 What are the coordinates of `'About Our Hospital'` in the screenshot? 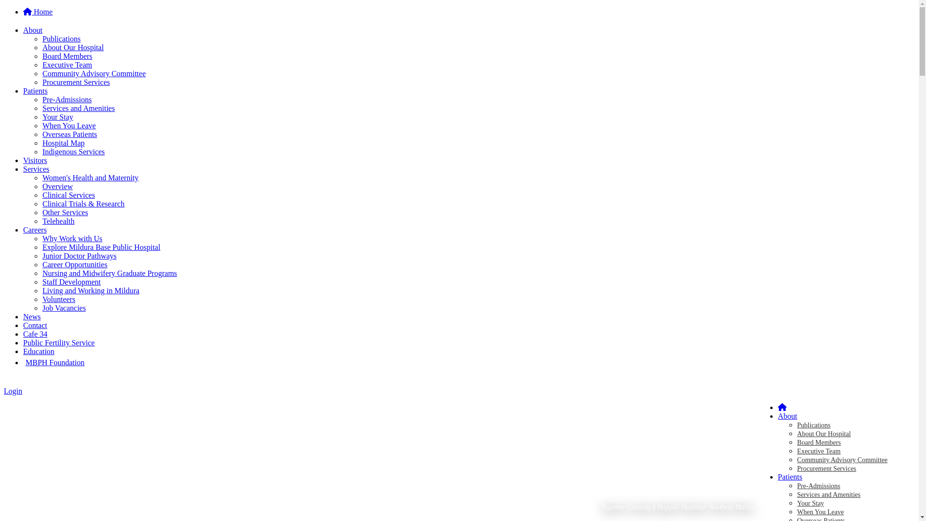 It's located at (72, 47).